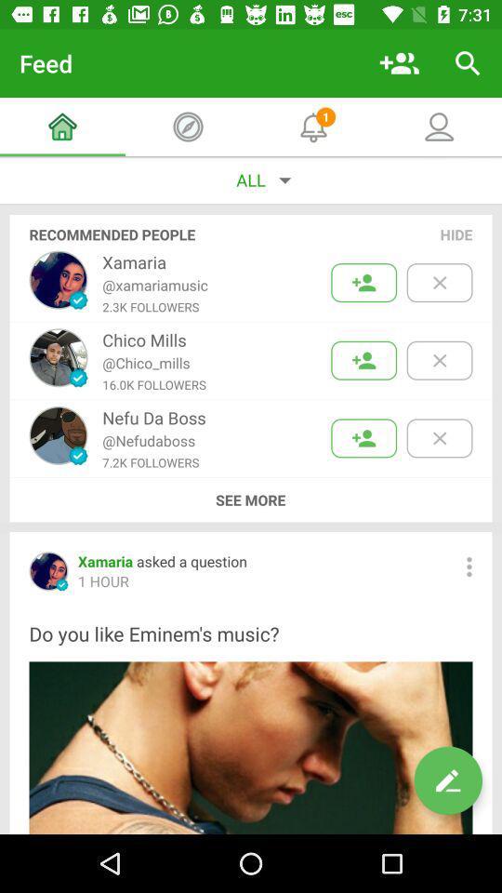 Image resolution: width=502 pixels, height=893 pixels. What do you see at coordinates (439, 359) in the screenshot?
I see `hide this particular name and picture` at bounding box center [439, 359].